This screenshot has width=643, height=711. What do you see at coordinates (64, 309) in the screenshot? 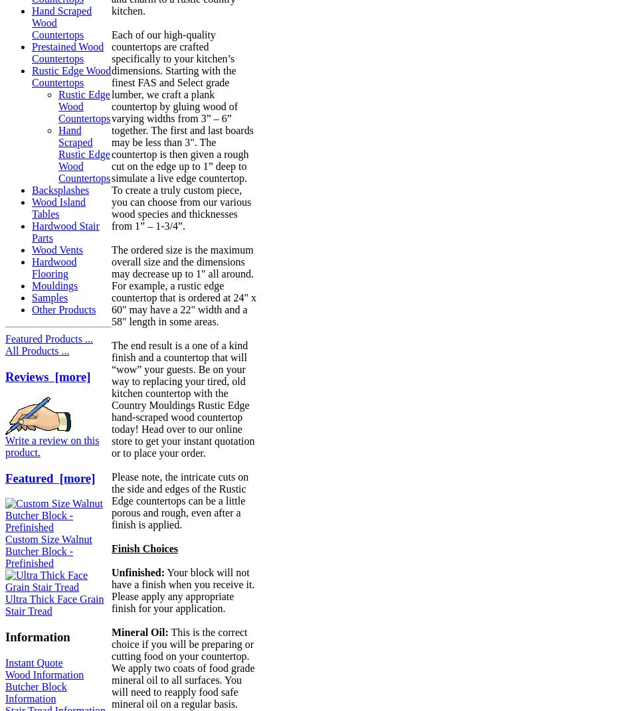
I see `'Other Products'` at bounding box center [64, 309].